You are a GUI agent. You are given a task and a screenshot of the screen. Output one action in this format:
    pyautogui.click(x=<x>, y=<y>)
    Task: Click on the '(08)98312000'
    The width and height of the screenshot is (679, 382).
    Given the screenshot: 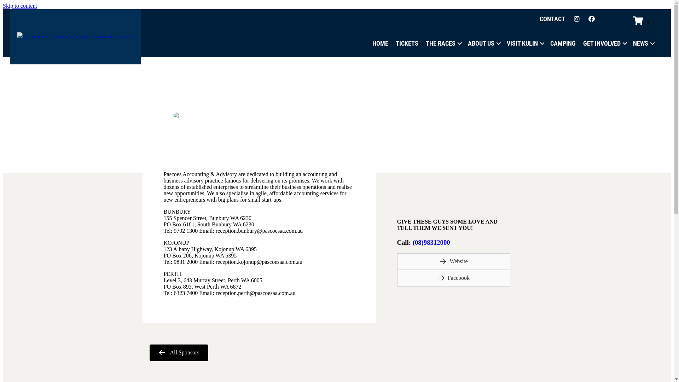 What is the action you would take?
    pyautogui.click(x=412, y=242)
    